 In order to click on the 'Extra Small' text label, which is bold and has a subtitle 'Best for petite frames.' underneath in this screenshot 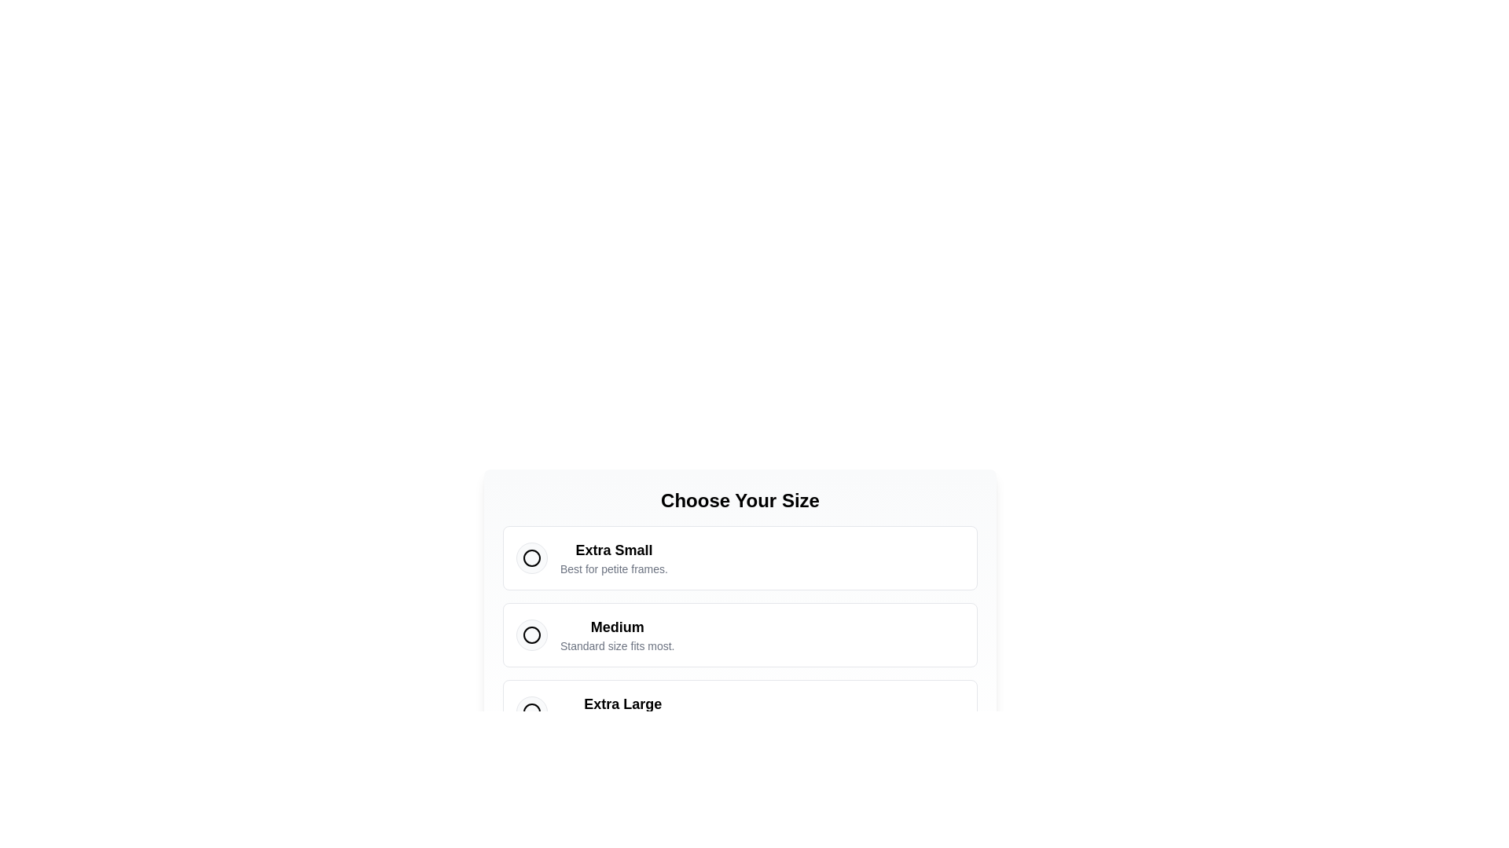, I will do `click(613, 557)`.